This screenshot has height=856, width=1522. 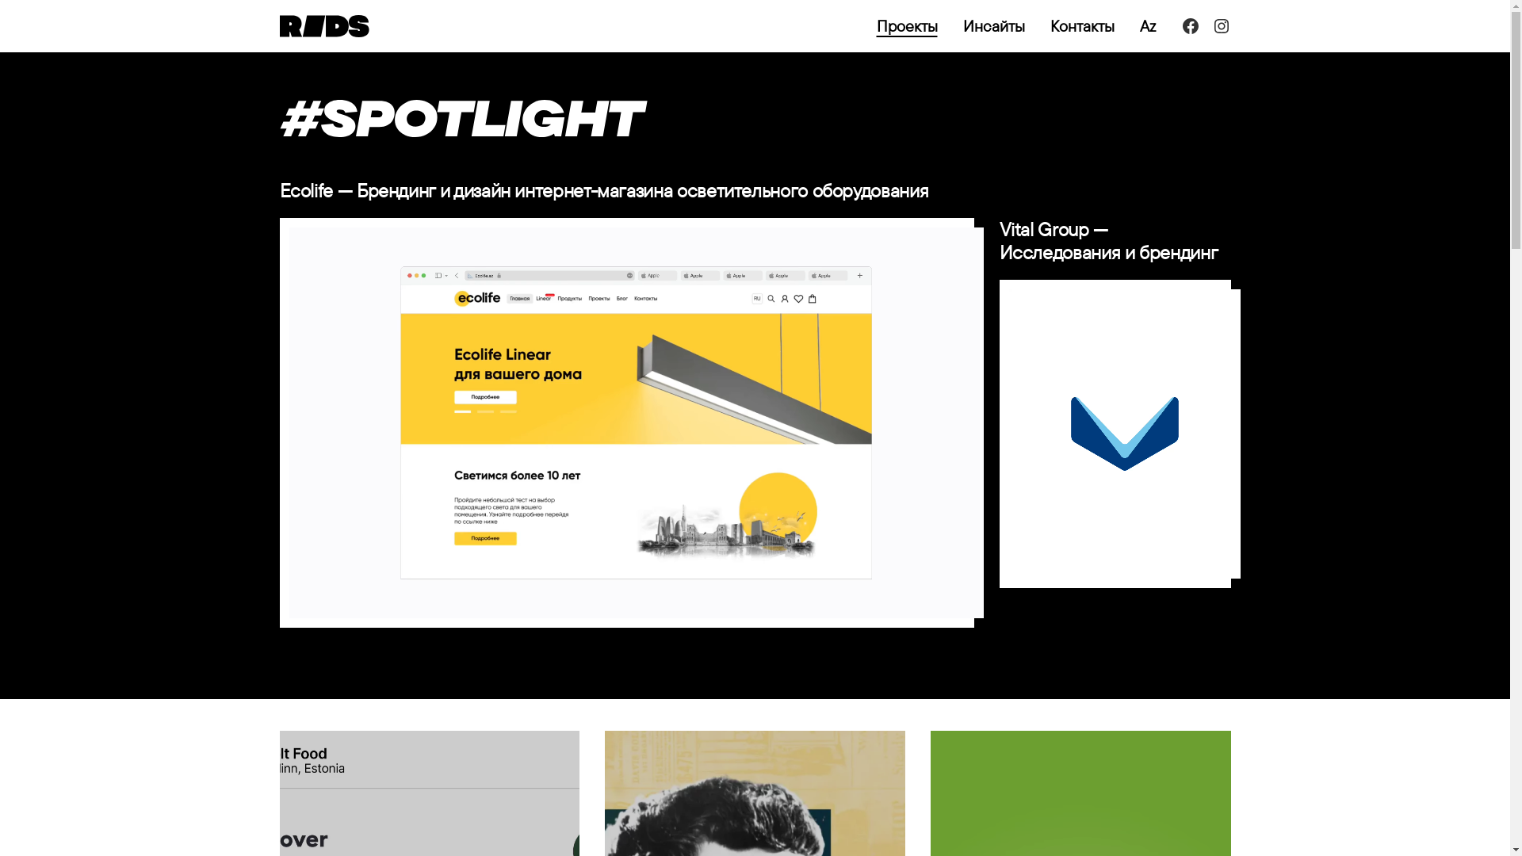 What do you see at coordinates (1180, 26) in the screenshot?
I see `'Facebook'` at bounding box center [1180, 26].